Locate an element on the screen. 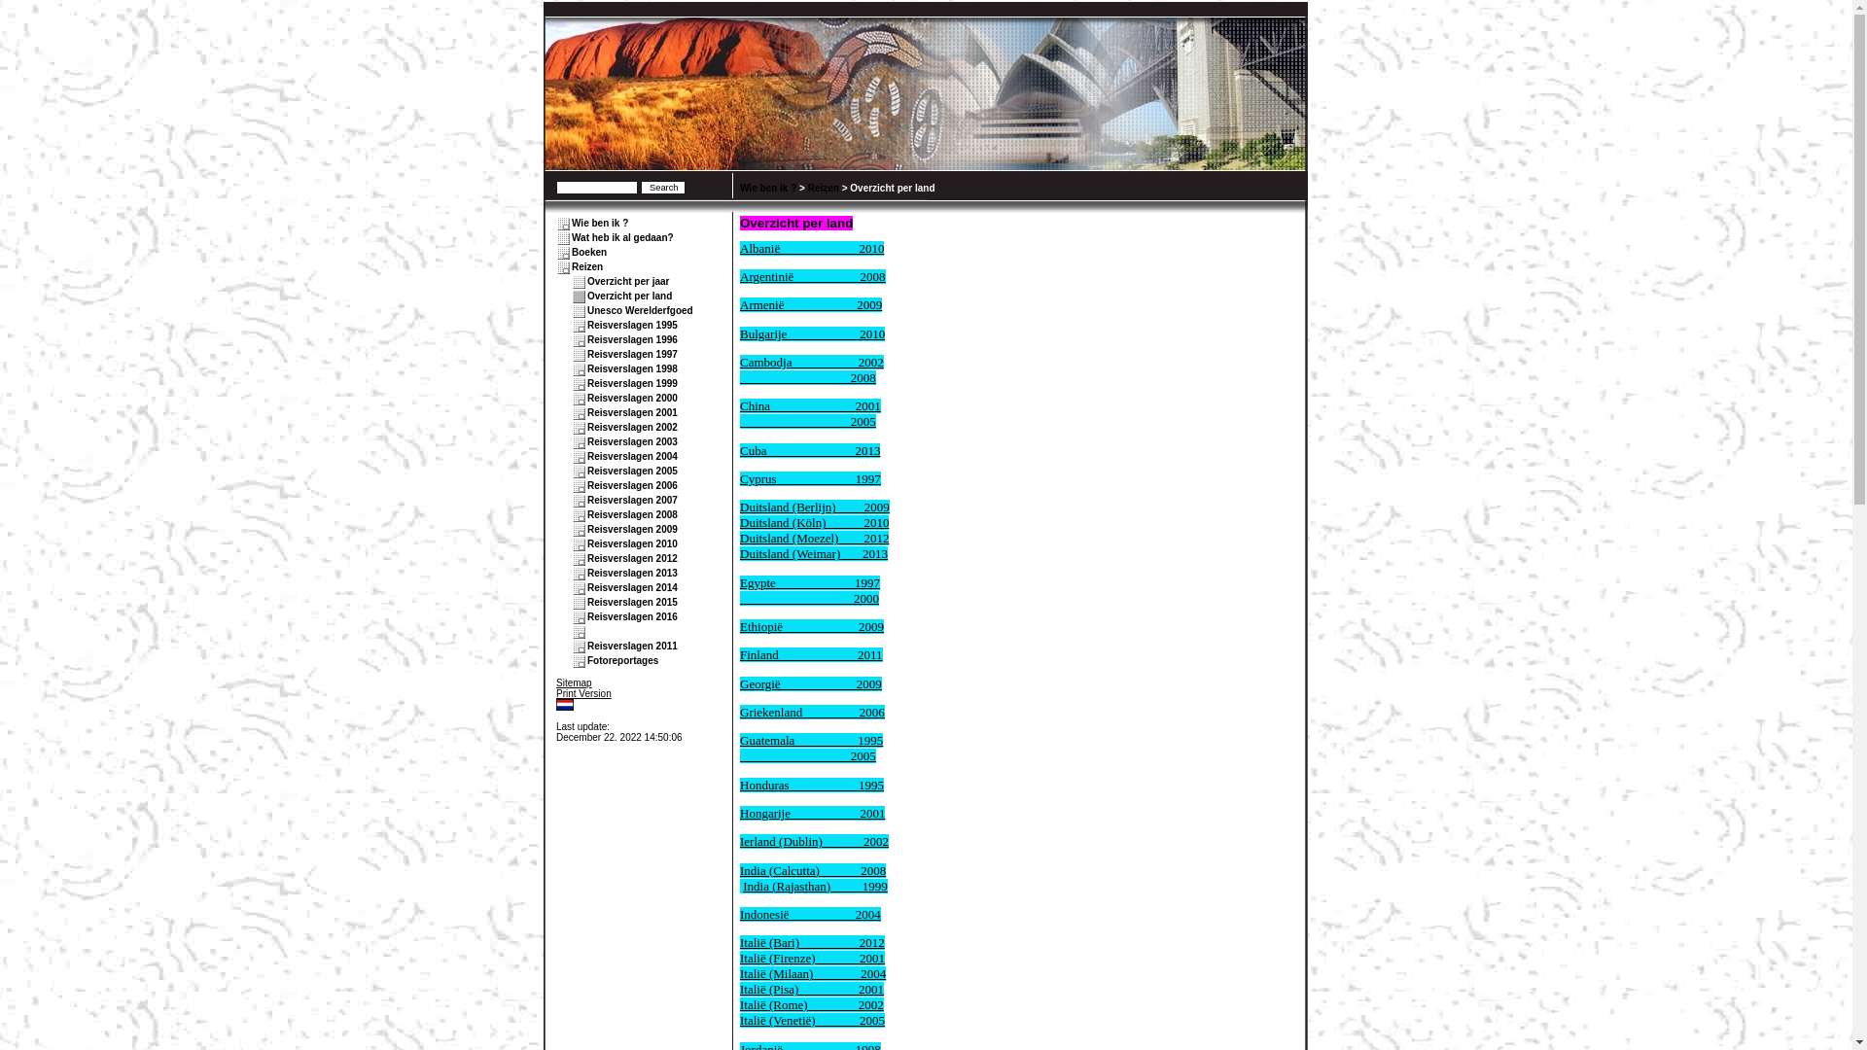 The width and height of the screenshot is (1867, 1050). '                                    2000' is located at coordinates (809, 597).